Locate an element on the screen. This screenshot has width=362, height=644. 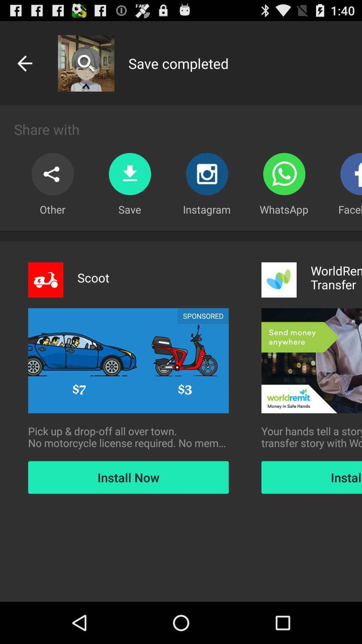
your hands tell item is located at coordinates (311, 437).